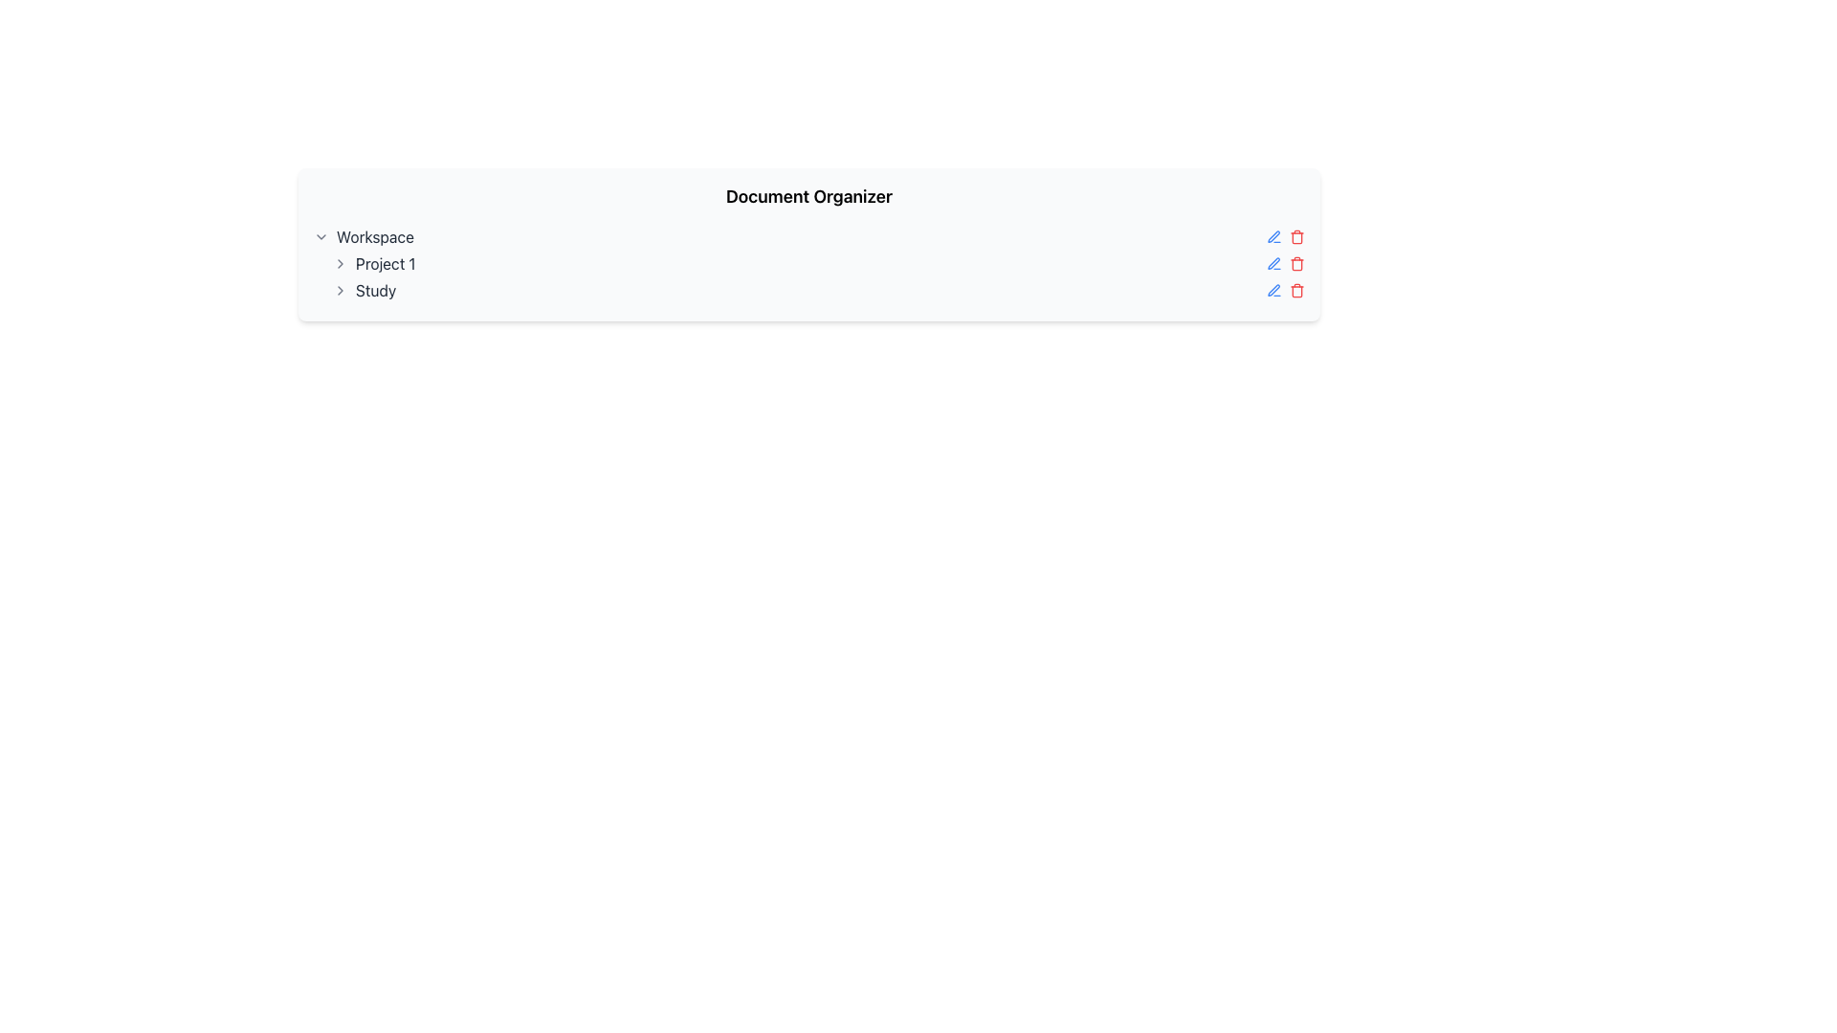 The image size is (1837, 1033). What do you see at coordinates (1297, 291) in the screenshot?
I see `the red icon button located to the right of the blue pen icon` at bounding box center [1297, 291].